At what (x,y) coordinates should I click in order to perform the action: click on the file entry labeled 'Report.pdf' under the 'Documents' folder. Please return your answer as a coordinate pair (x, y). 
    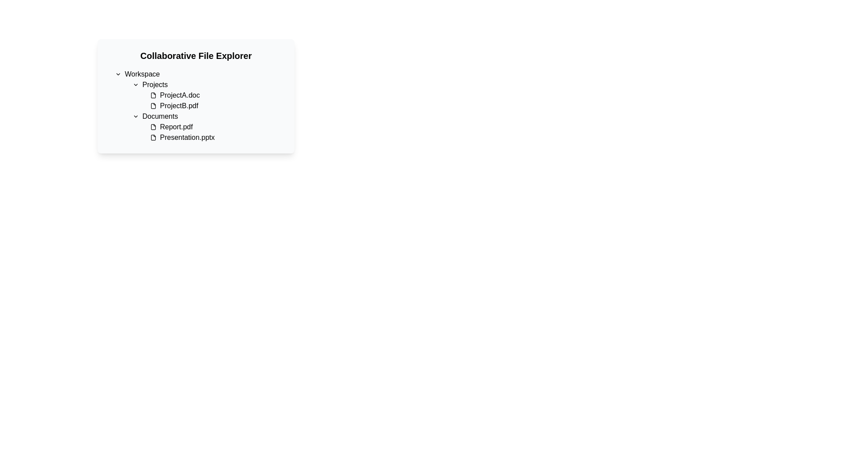
    Looking at the image, I should click on (208, 127).